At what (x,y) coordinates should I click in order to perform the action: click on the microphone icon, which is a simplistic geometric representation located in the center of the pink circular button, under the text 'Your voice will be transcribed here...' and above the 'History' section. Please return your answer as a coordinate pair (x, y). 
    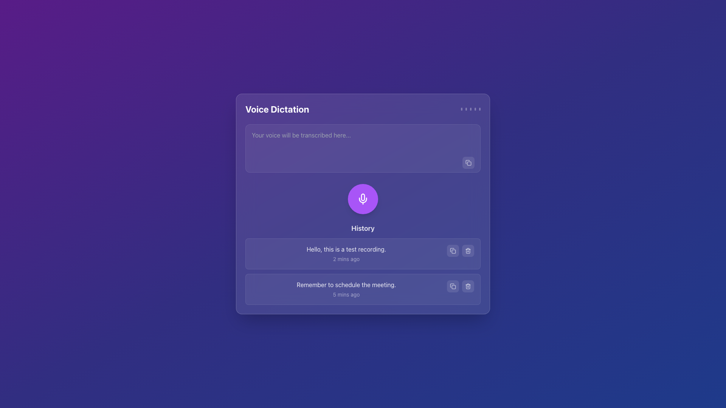
    Looking at the image, I should click on (363, 196).